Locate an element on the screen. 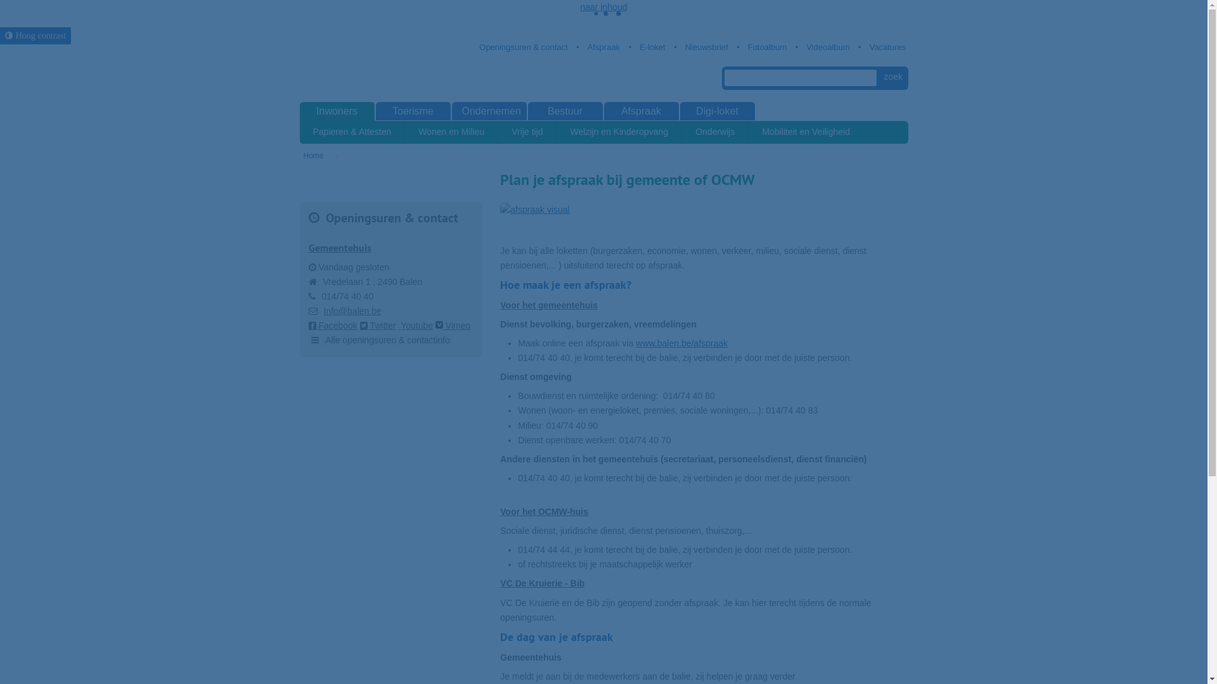 Image resolution: width=1217 pixels, height=684 pixels. 'Afspraak' is located at coordinates (597, 46).